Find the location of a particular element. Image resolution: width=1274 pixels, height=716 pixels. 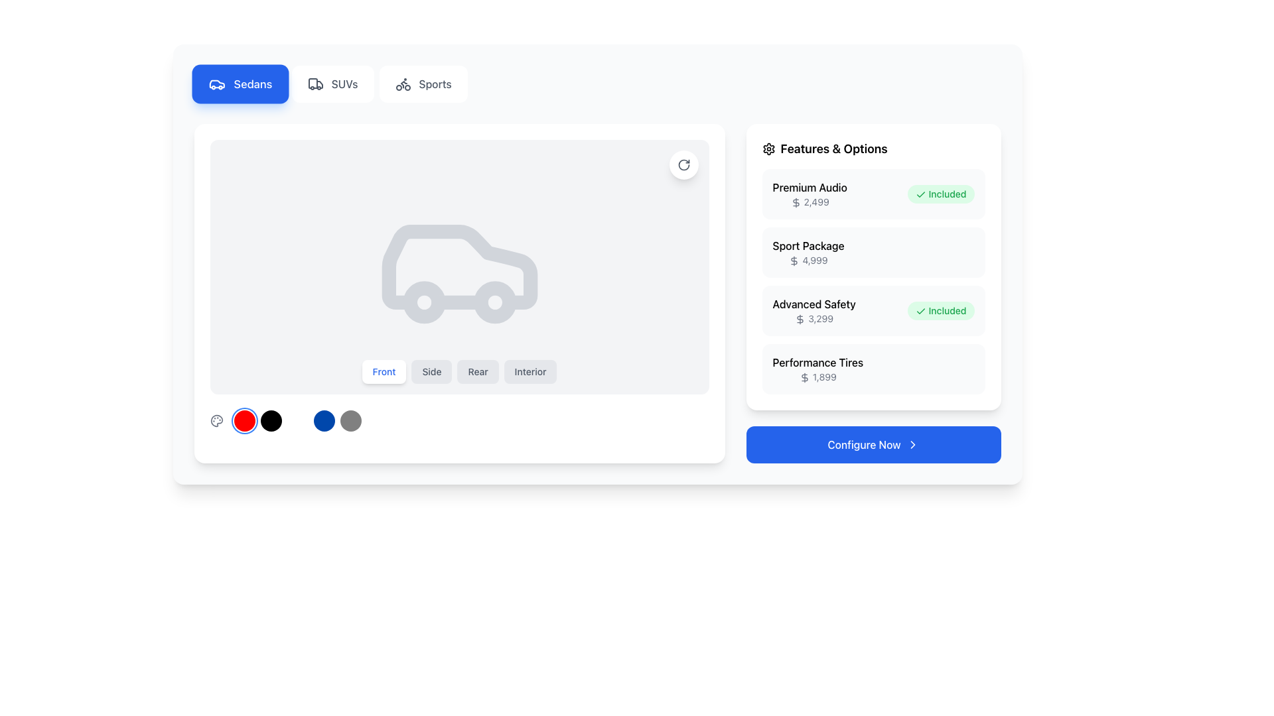

the right arrow icon, which is styled as a Lucide Chevron Right icon, located at the rightmost edge of the 'Configure Now' button is located at coordinates (912, 445).